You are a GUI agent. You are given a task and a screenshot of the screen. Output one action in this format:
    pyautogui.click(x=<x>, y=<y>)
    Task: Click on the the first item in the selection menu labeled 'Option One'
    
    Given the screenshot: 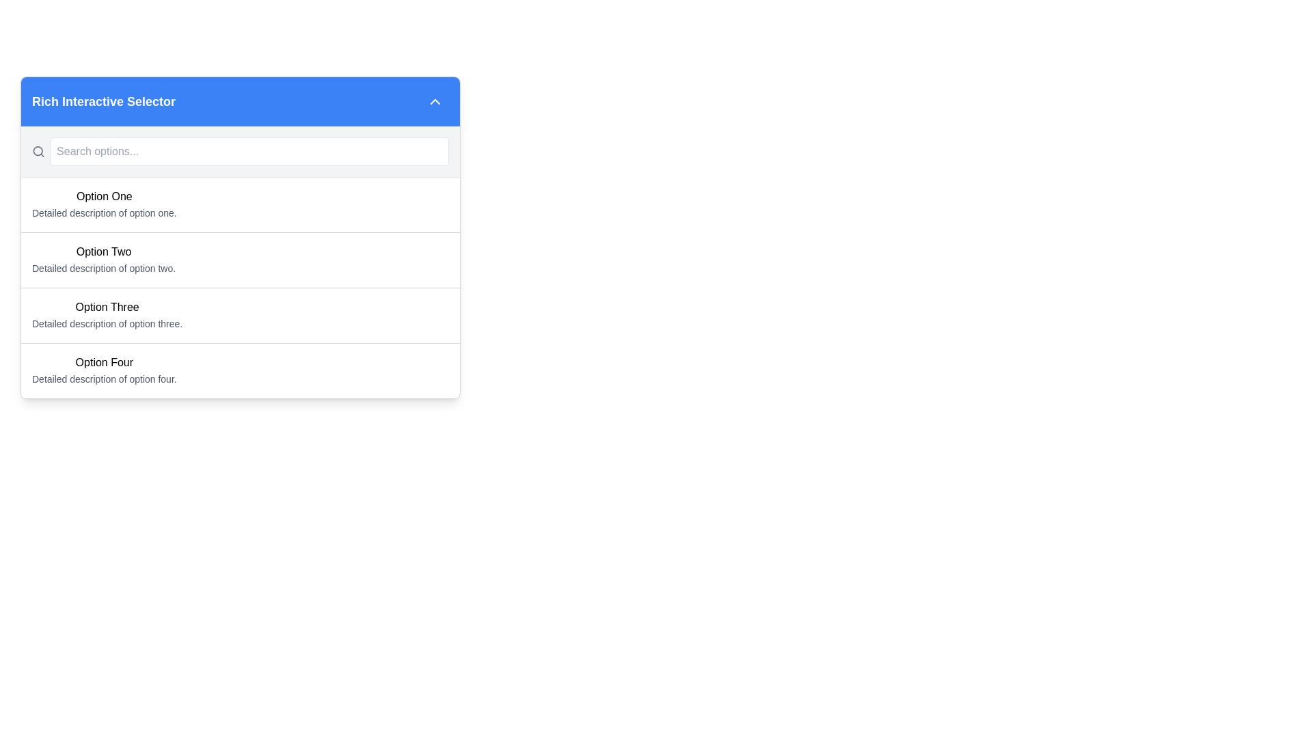 What is the action you would take?
    pyautogui.click(x=103, y=205)
    